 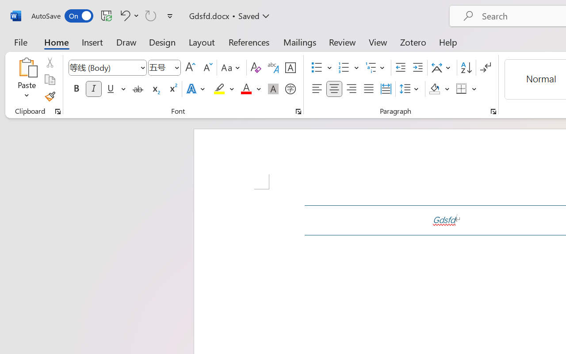 I want to click on 'Font...', so click(x=298, y=111).